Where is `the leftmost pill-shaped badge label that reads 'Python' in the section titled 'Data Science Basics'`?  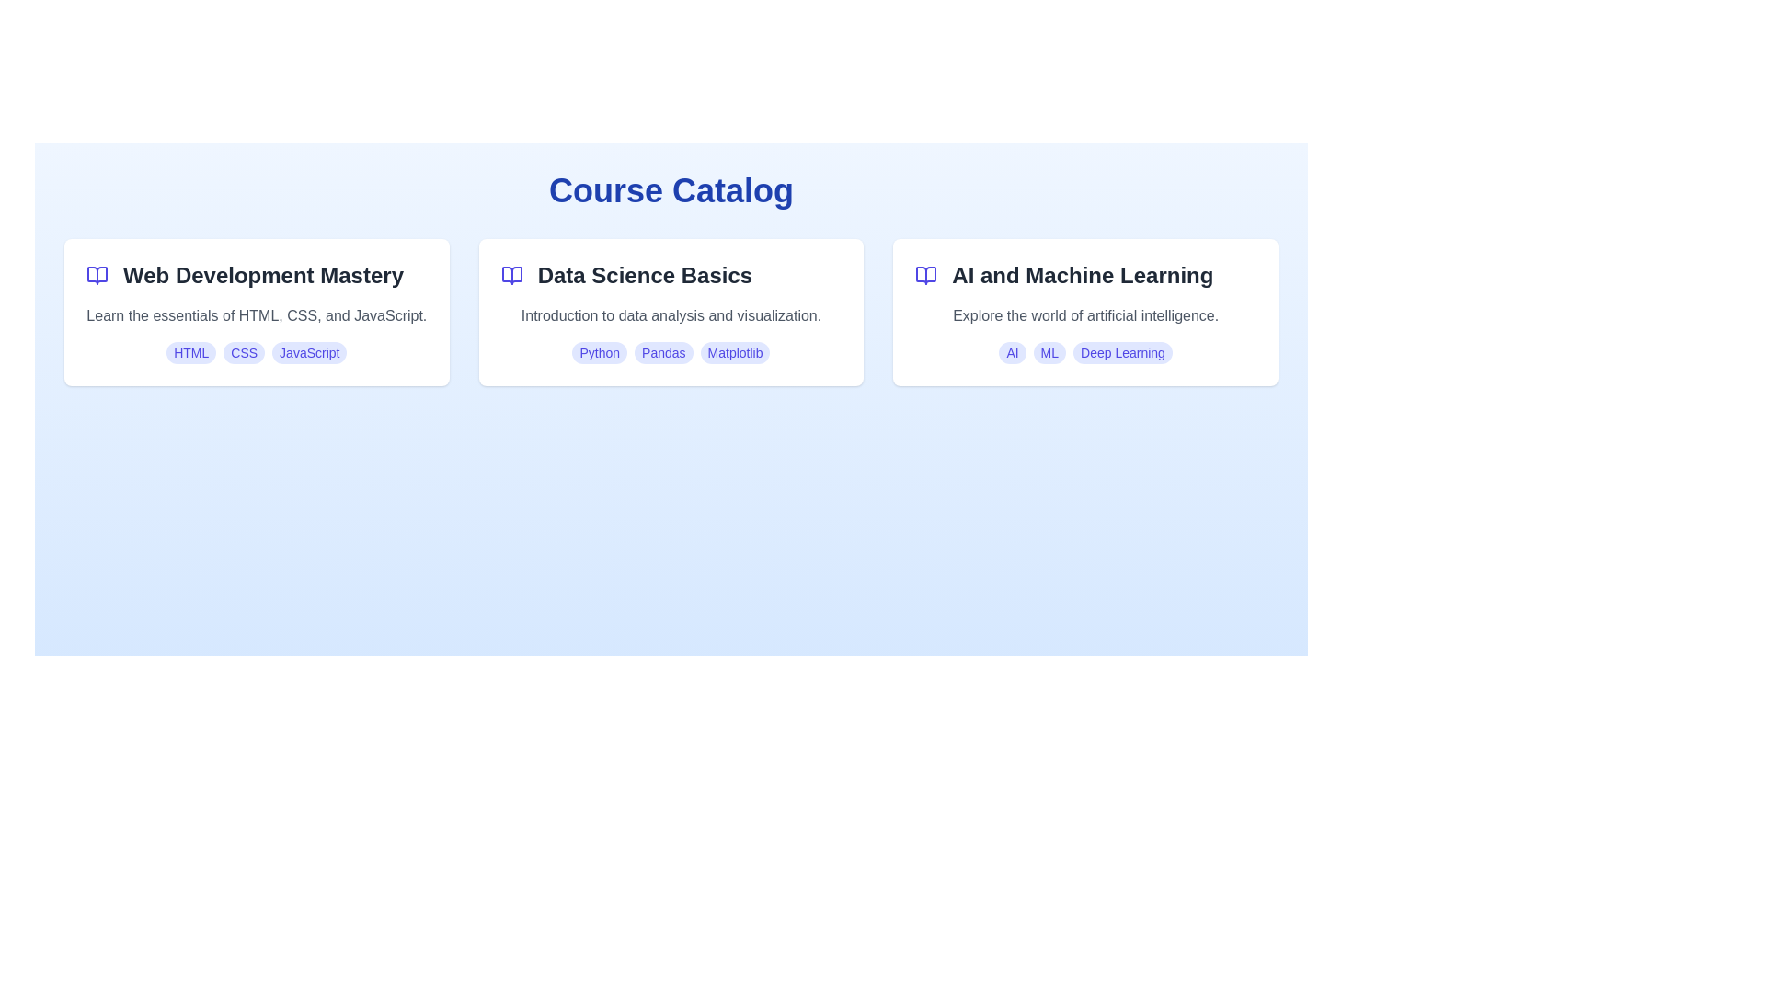
the leftmost pill-shaped badge label that reads 'Python' in the section titled 'Data Science Basics' is located at coordinates (600, 353).